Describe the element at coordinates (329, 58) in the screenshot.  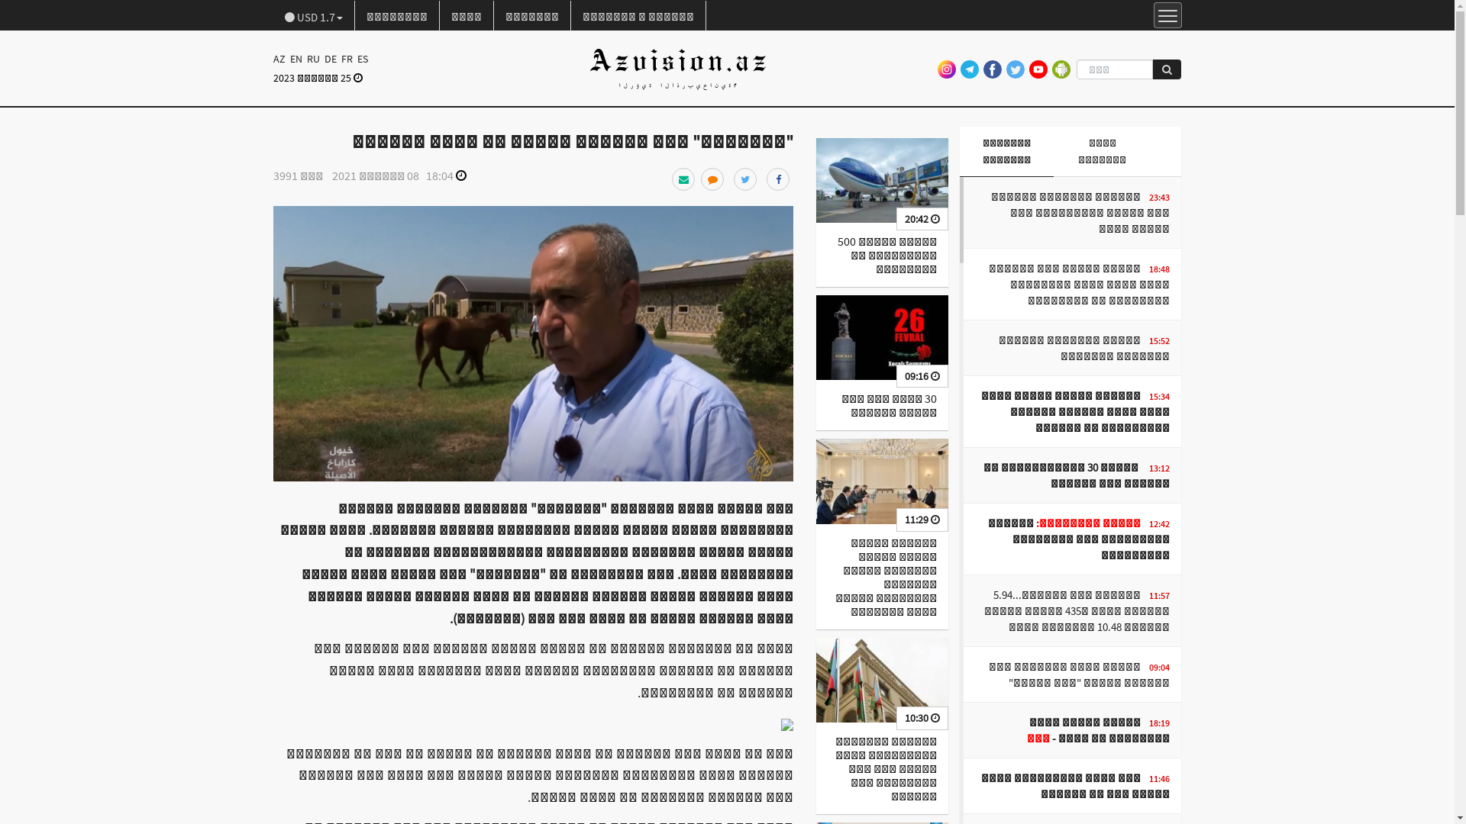
I see `'DE'` at that location.